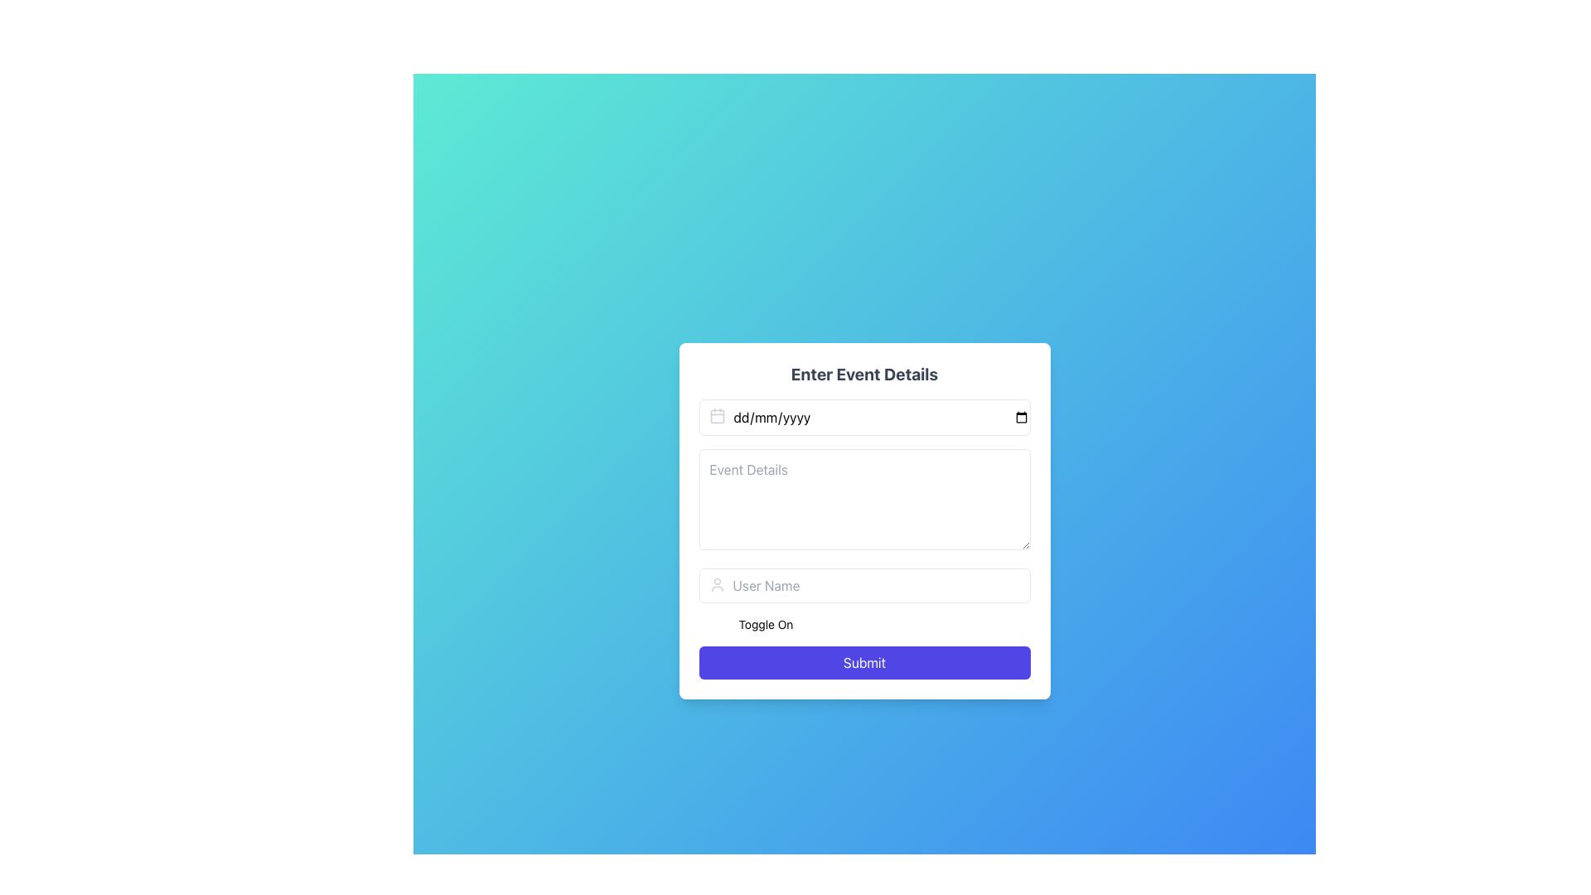 The image size is (1591, 895). What do you see at coordinates (717, 414) in the screenshot?
I see `the date input icon located to the left of the 'dd/mm/yyyy' date input field in the event details form` at bounding box center [717, 414].